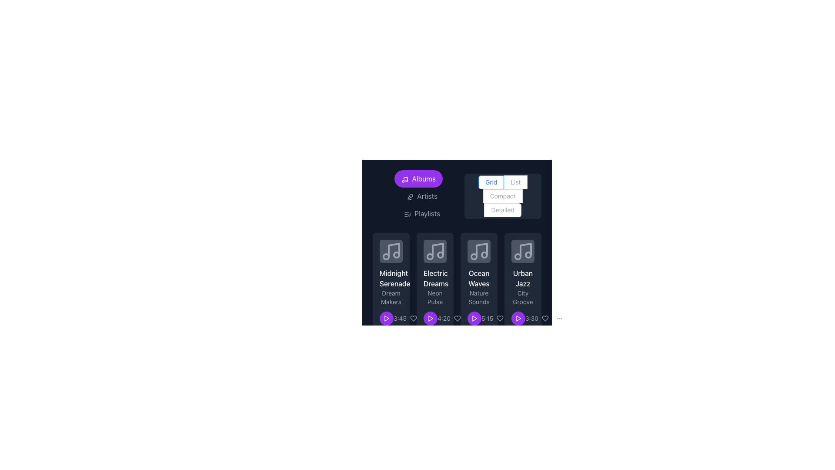 The width and height of the screenshot is (835, 470). What do you see at coordinates (386, 319) in the screenshot?
I see `the play button for the media item 'Midnight Serenade'` at bounding box center [386, 319].